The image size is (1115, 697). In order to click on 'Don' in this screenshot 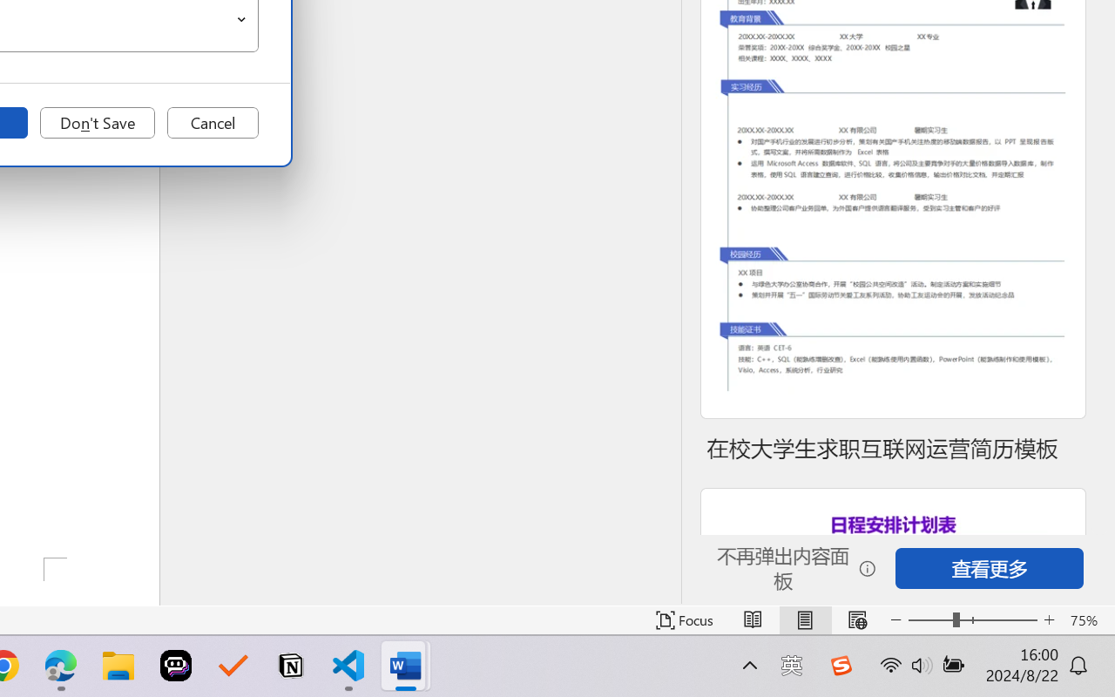, I will do `click(97, 123)`.